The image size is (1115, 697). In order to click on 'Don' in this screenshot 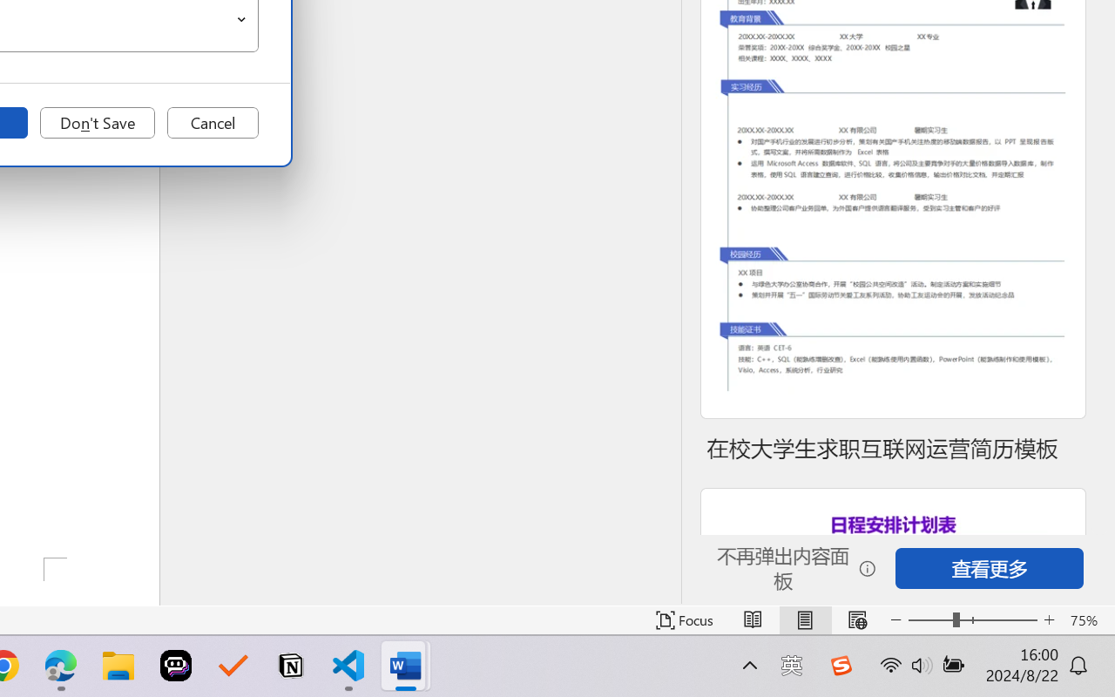, I will do `click(97, 123)`.